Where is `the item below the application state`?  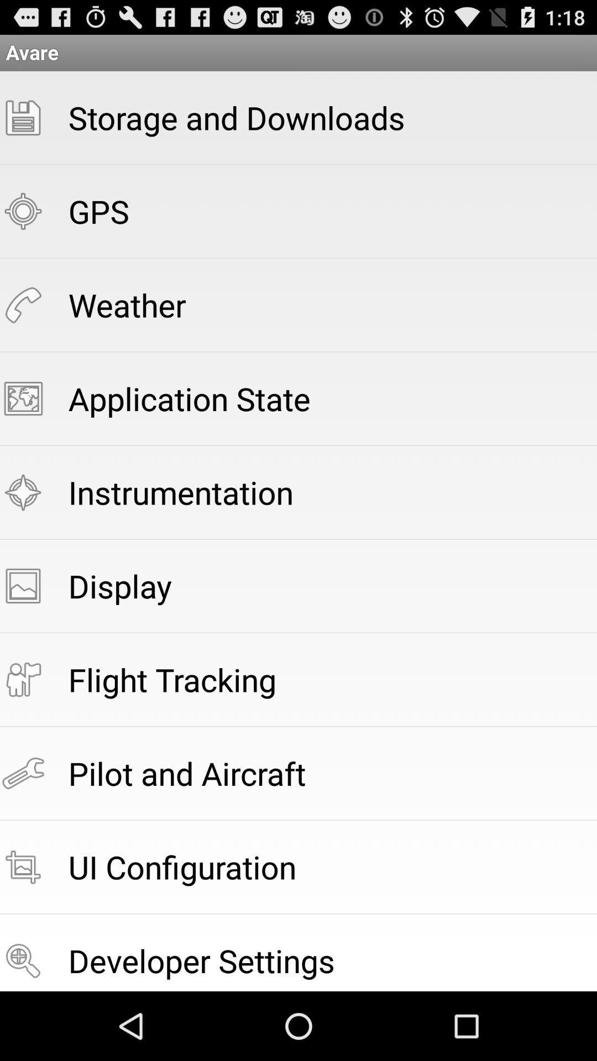
the item below the application state is located at coordinates (180, 491).